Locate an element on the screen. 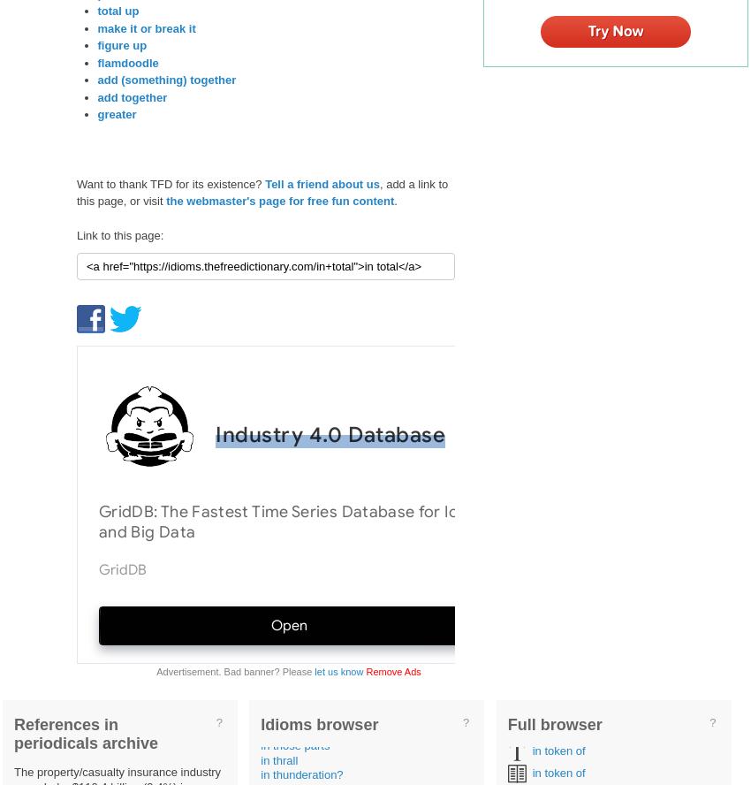  'Want to thank TFD for its existence?' is located at coordinates (76, 182).